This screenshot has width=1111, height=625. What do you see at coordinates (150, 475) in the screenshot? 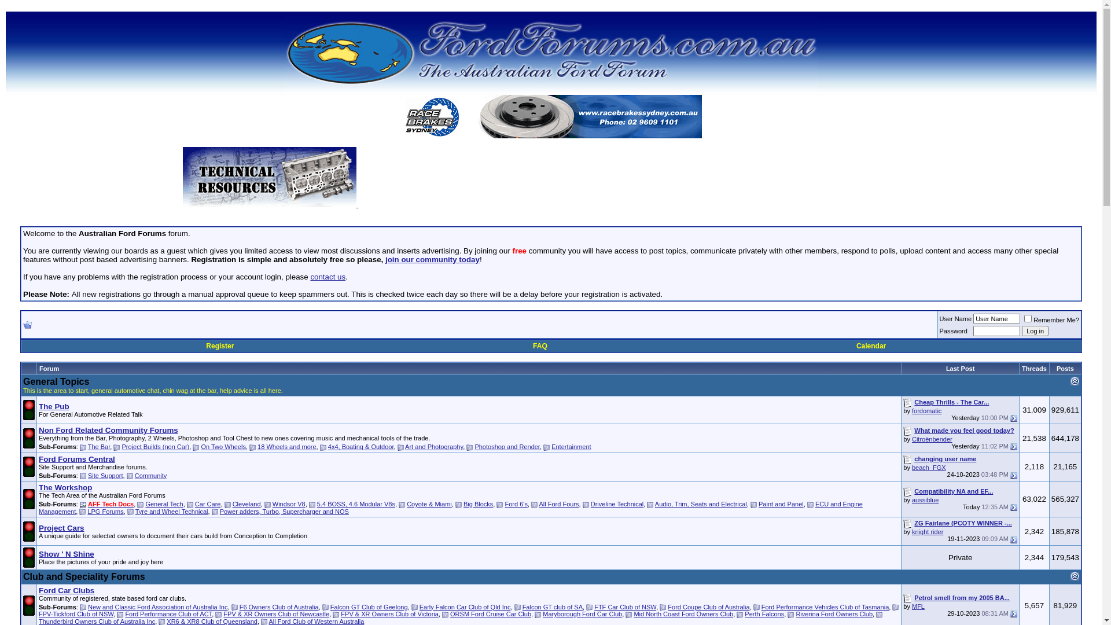
I see `'Community'` at bounding box center [150, 475].